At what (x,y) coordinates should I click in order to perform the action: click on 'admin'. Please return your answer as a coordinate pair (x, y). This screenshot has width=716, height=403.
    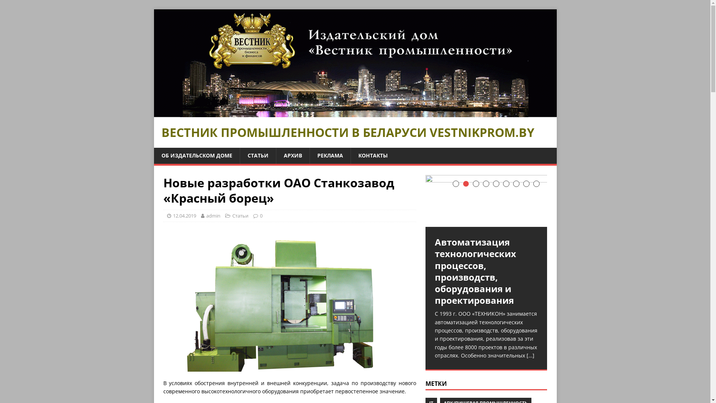
    Looking at the image, I should click on (213, 216).